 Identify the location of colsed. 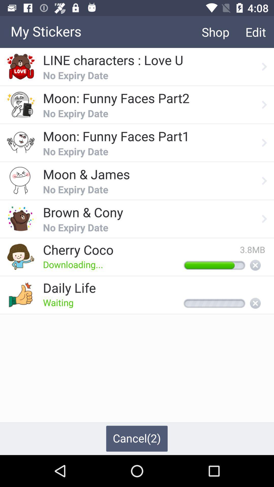
(255, 304).